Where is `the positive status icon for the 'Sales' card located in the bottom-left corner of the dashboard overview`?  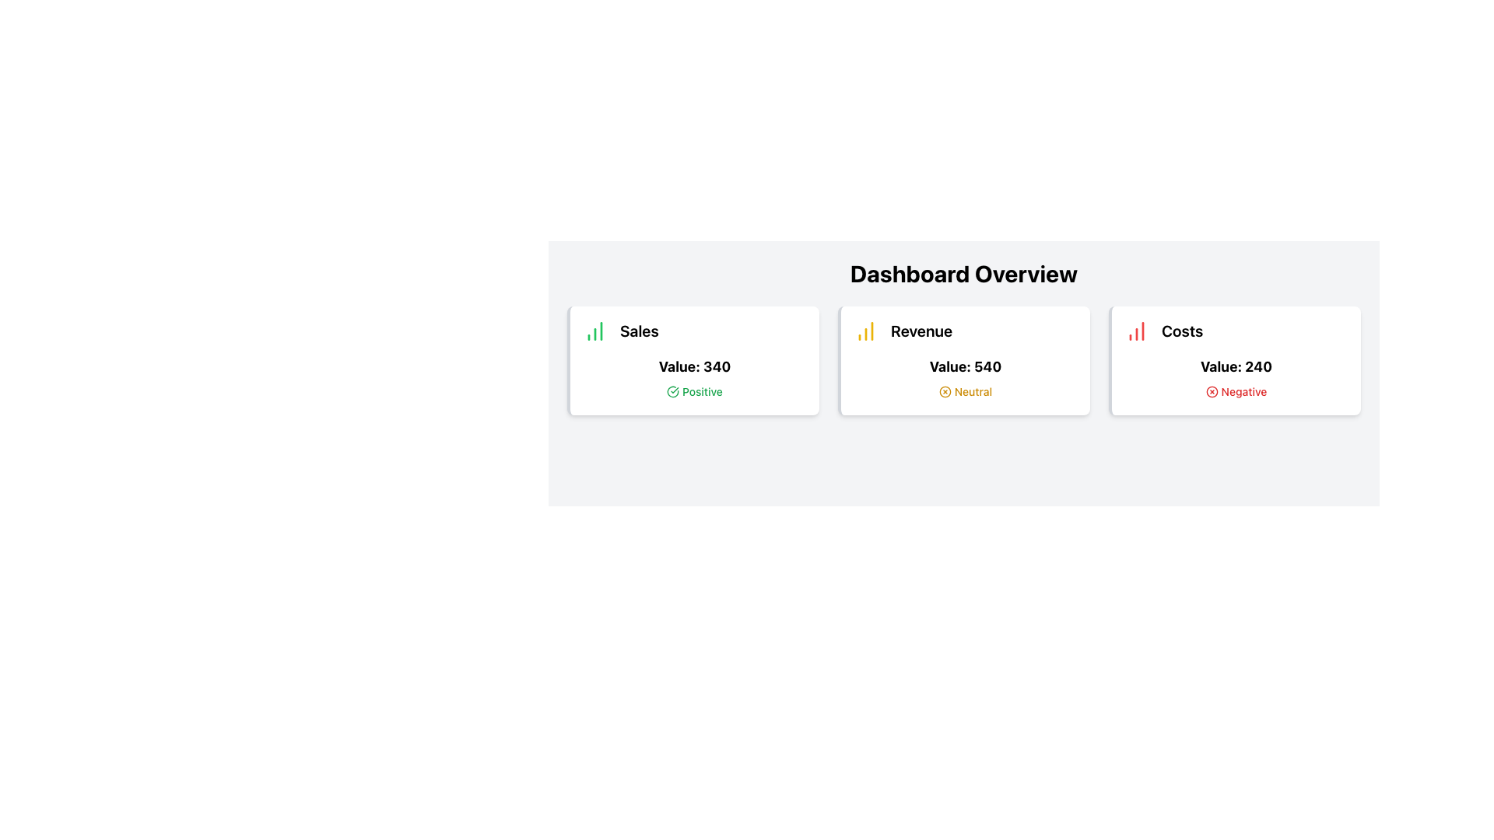 the positive status icon for the 'Sales' card located in the bottom-left corner of the dashboard overview is located at coordinates (673, 391).